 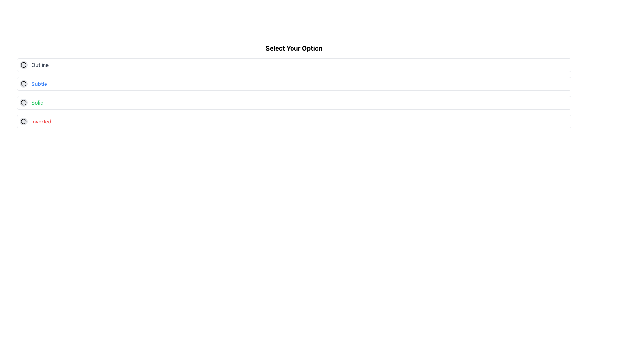 What do you see at coordinates (23, 102) in the screenshot?
I see `the SVG-based circle element that represents the 'Solid' option in the selection list` at bounding box center [23, 102].